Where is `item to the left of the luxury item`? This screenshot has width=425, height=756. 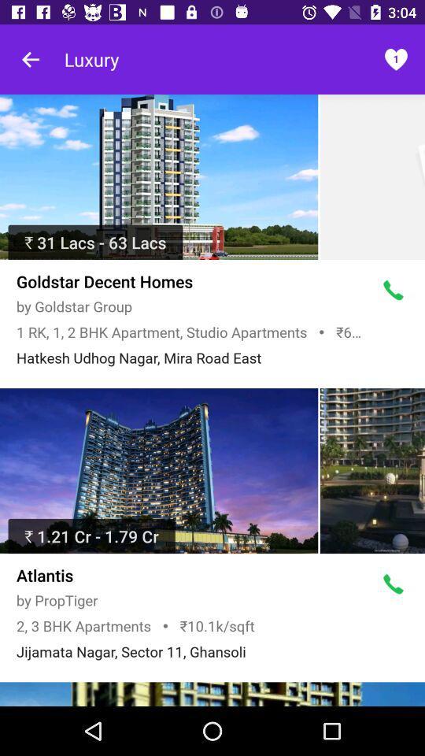
item to the left of the luxury item is located at coordinates (31, 59).